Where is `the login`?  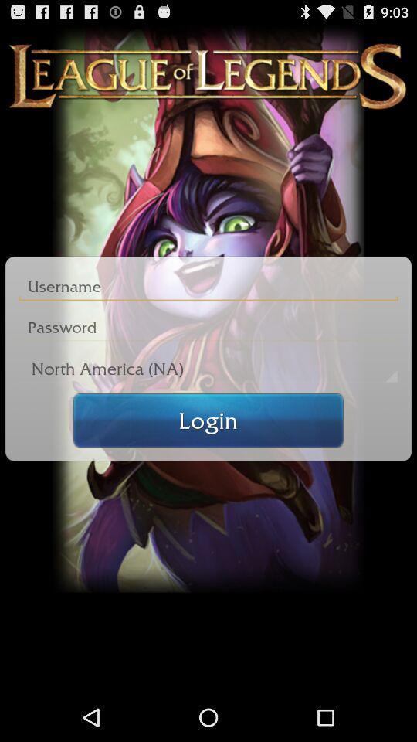
the login is located at coordinates (208, 420).